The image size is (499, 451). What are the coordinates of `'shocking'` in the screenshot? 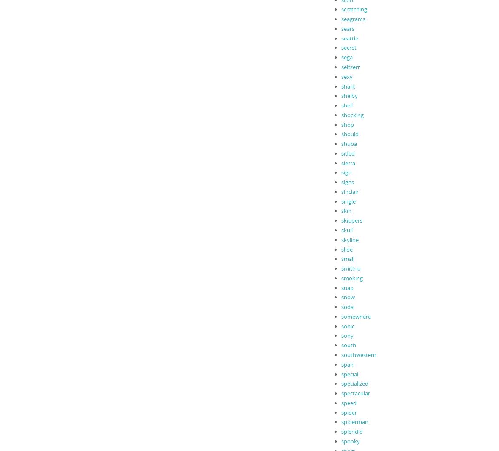 It's located at (341, 114).